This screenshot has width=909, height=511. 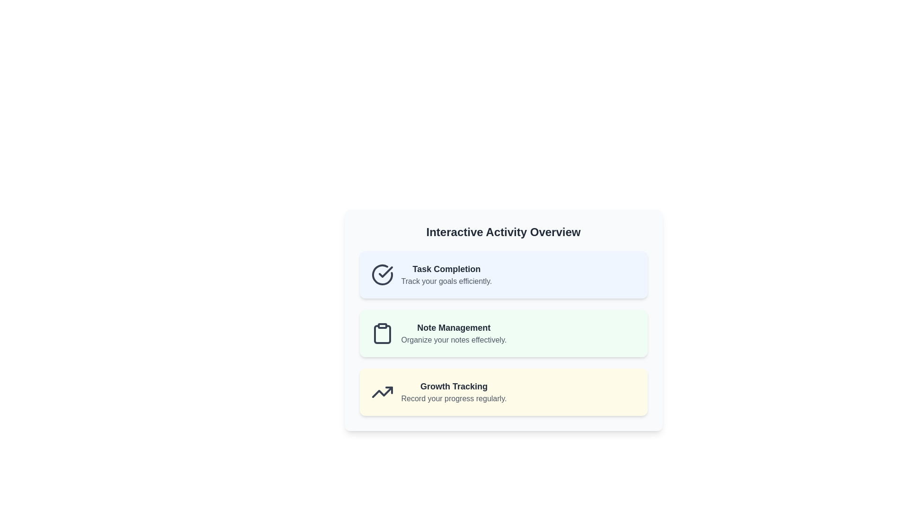 What do you see at coordinates (454, 392) in the screenshot?
I see `text of the 'Growth Tracking' feature label, which is the third item in a vertically stacked list of card components, located within a light yellow card` at bounding box center [454, 392].